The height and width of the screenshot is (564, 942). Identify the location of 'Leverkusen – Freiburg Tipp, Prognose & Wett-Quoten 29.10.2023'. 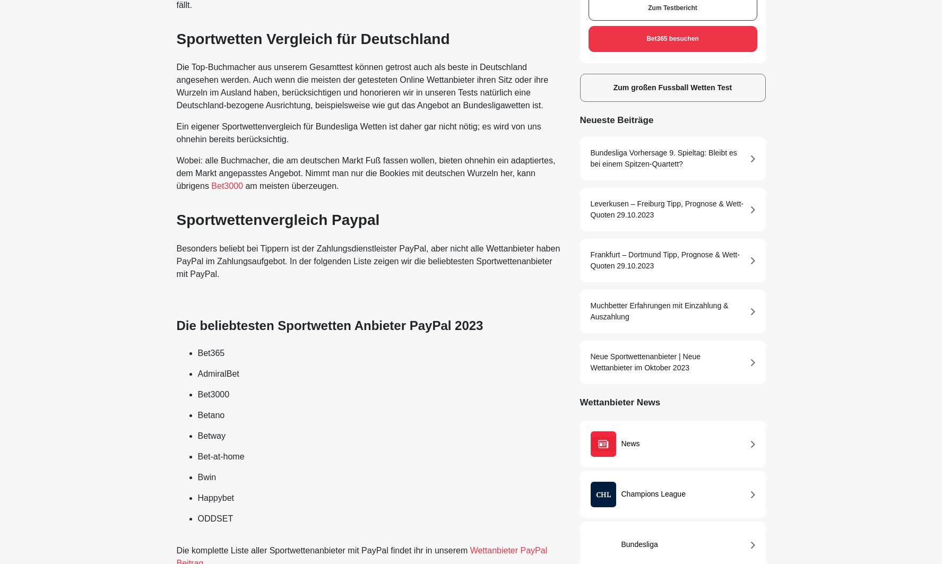
(666, 209).